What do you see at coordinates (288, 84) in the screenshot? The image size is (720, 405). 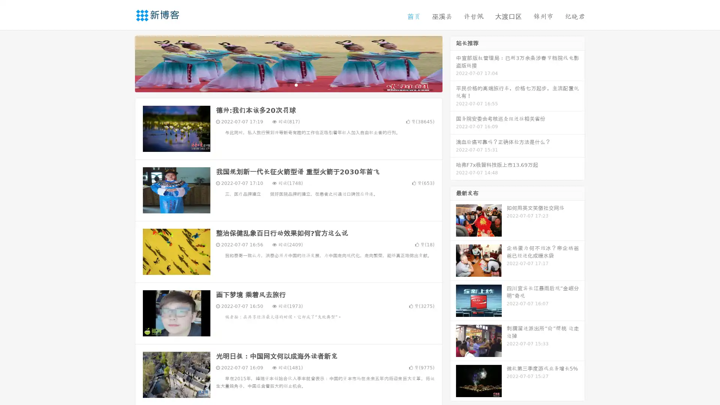 I see `Go to slide 2` at bounding box center [288, 84].